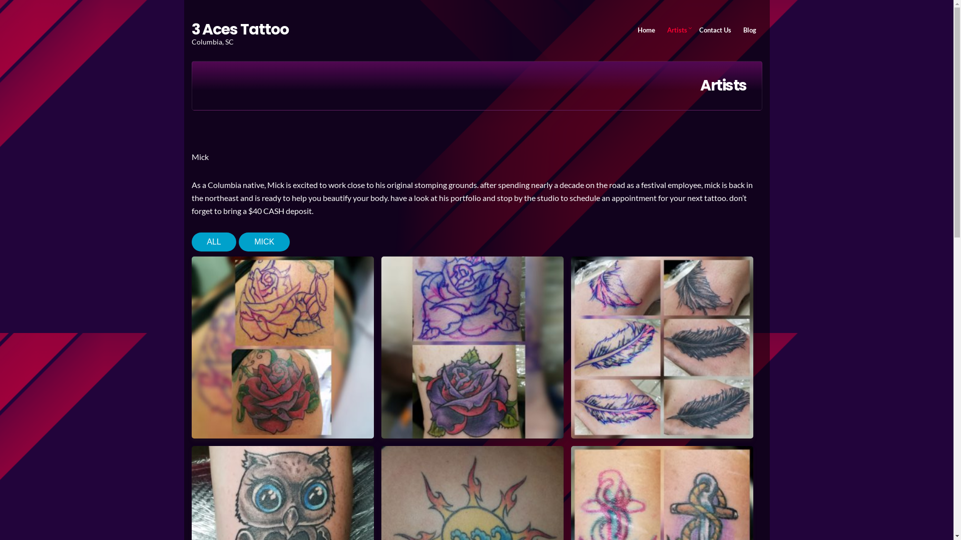 This screenshot has width=961, height=540. I want to click on '3 Aces Tattoo', so click(239, 28).